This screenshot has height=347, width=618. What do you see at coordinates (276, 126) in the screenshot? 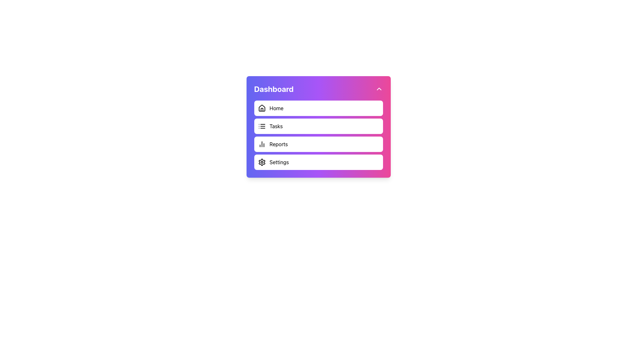
I see `the 'Tasks' label in the second row of the card-like menu, which is adjacent to a list icon` at bounding box center [276, 126].